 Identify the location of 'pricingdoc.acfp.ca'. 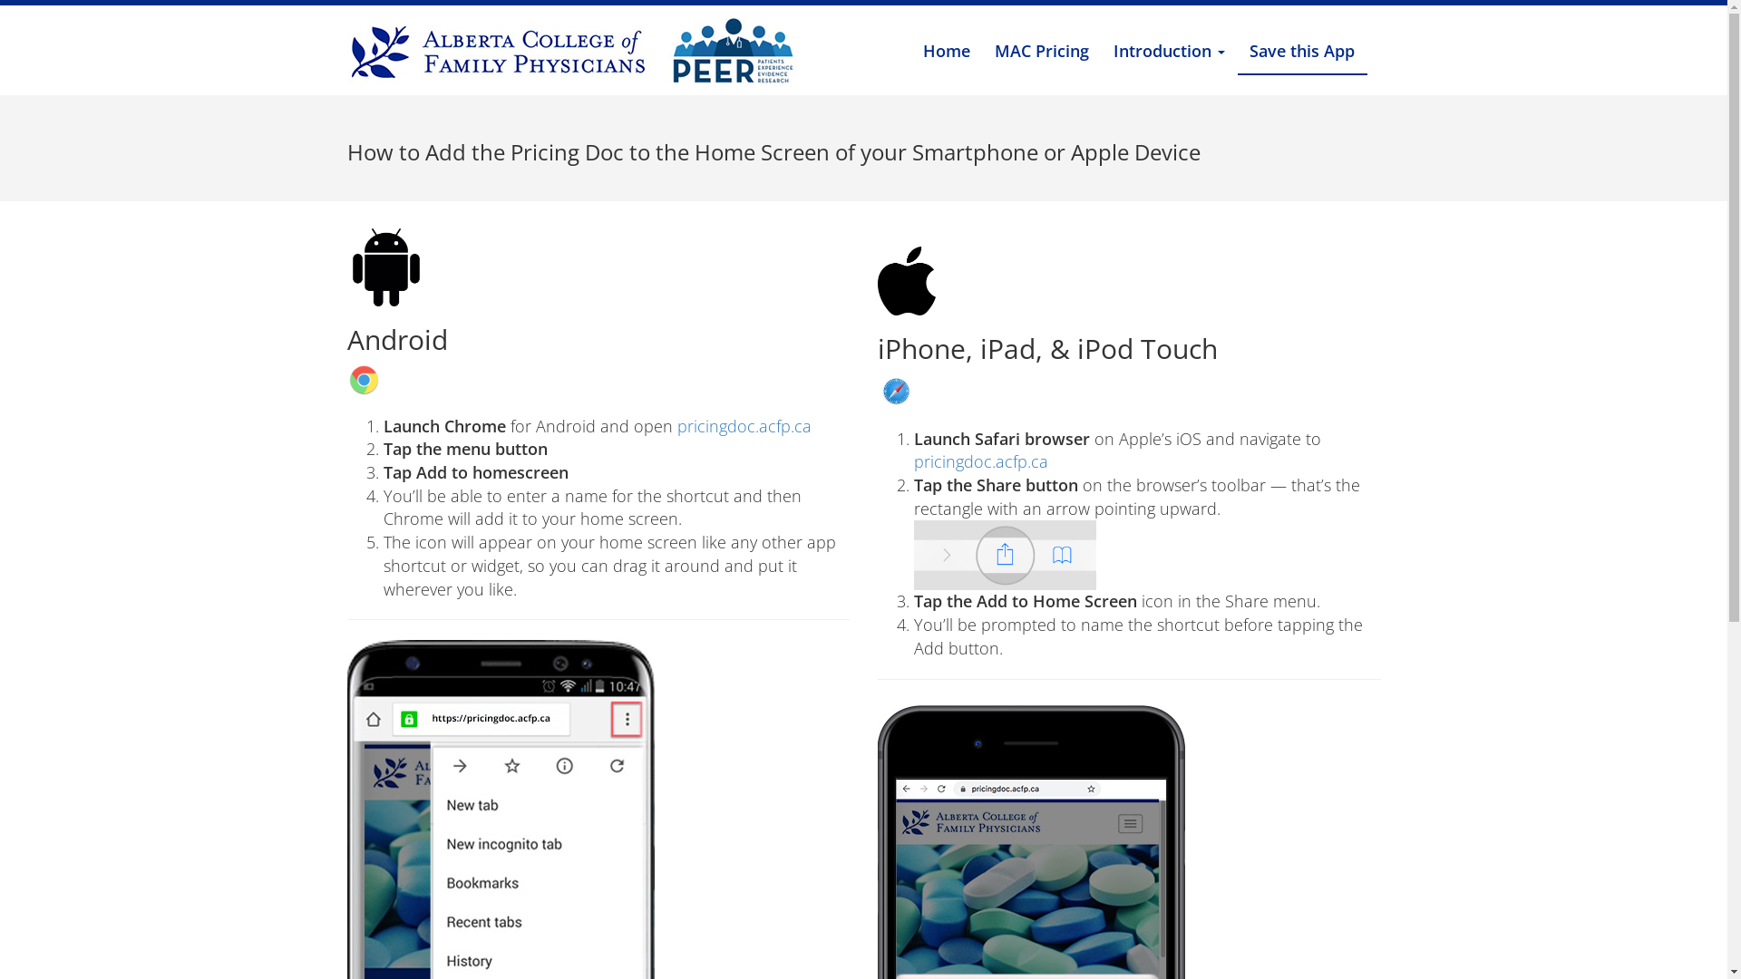
(744, 426).